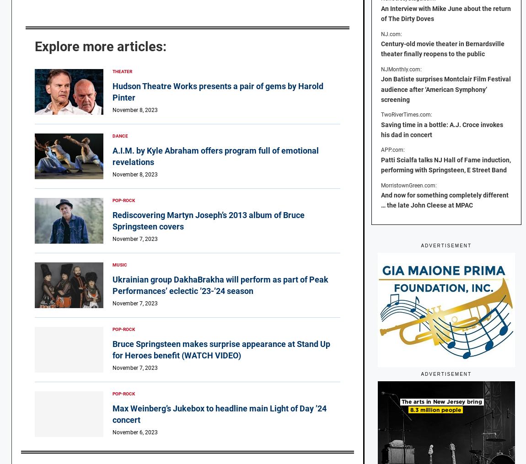 This screenshot has width=526, height=464. Describe the element at coordinates (112, 220) in the screenshot. I see `'Rediscovering Martyn Joseph’s 2013 album of Bruce Springsteen covers'` at that location.